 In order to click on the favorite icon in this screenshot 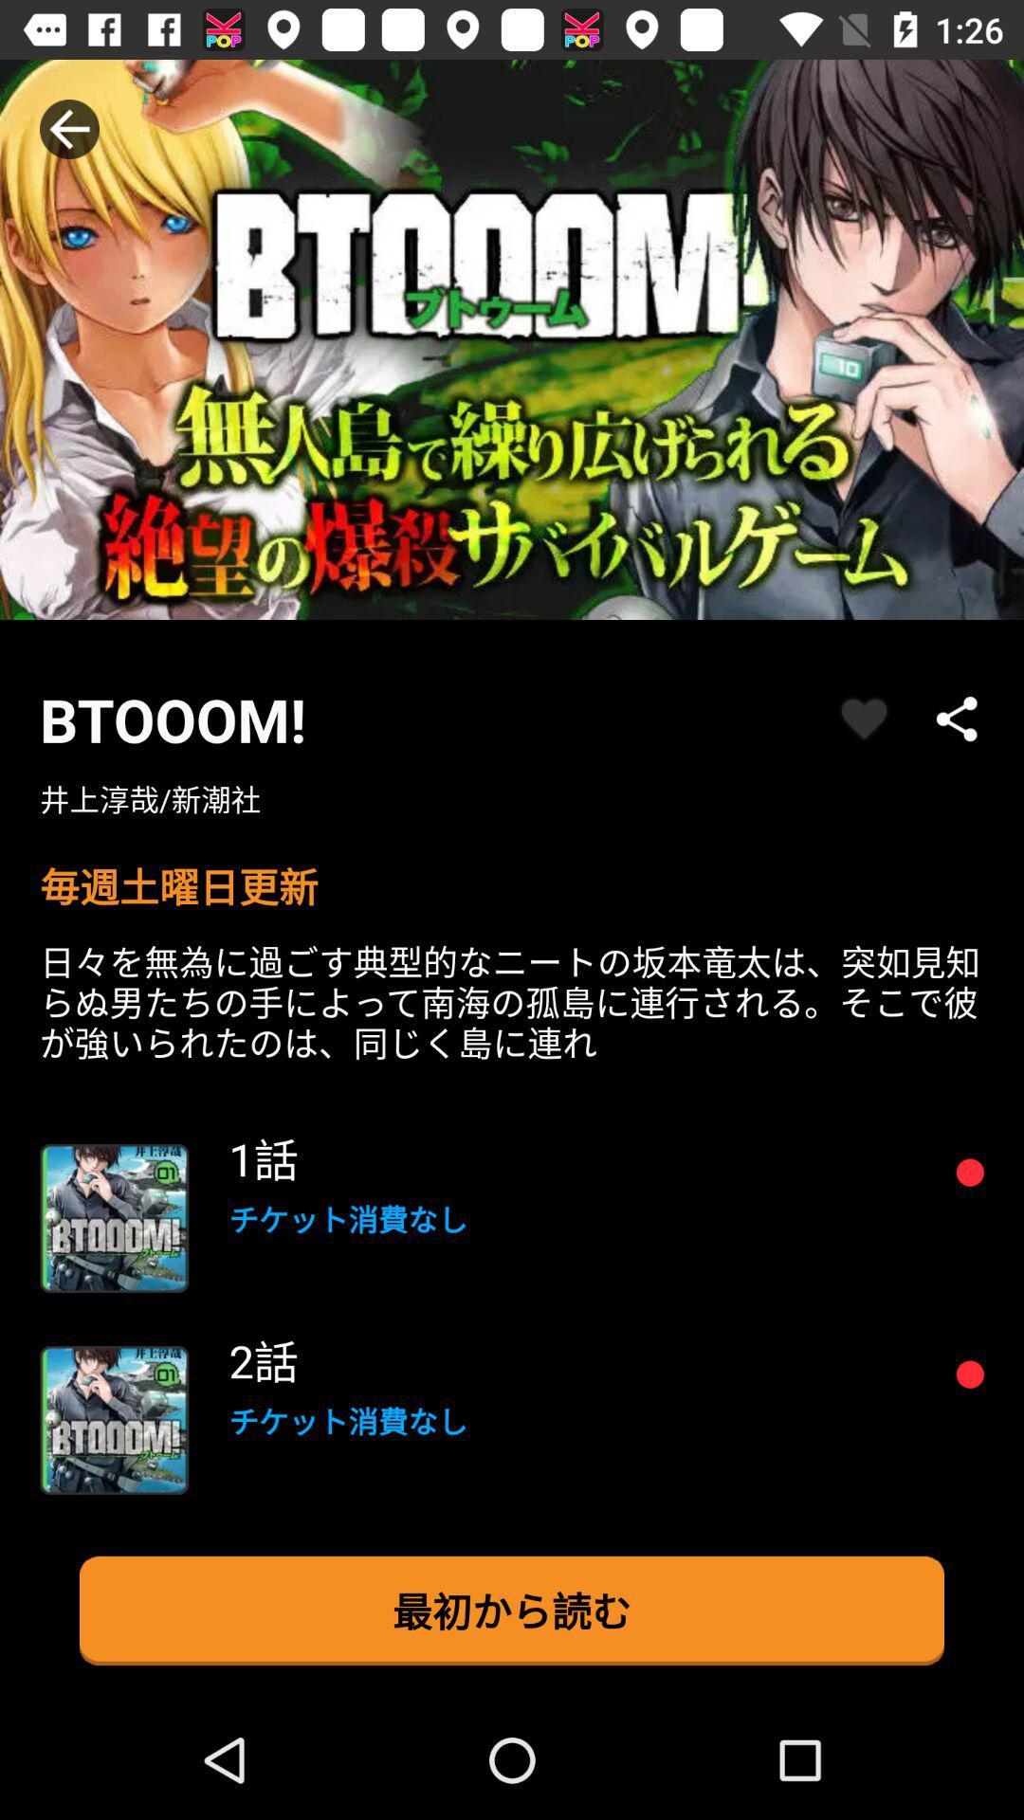, I will do `click(864, 718)`.